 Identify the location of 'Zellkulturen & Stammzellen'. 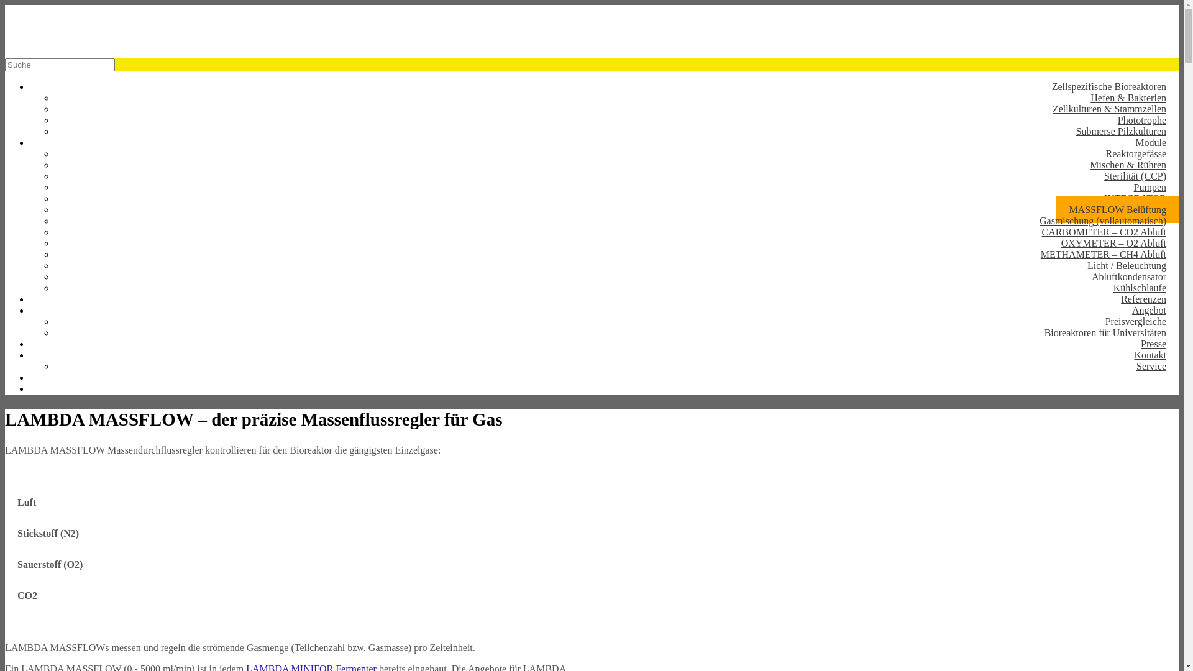
(1109, 108).